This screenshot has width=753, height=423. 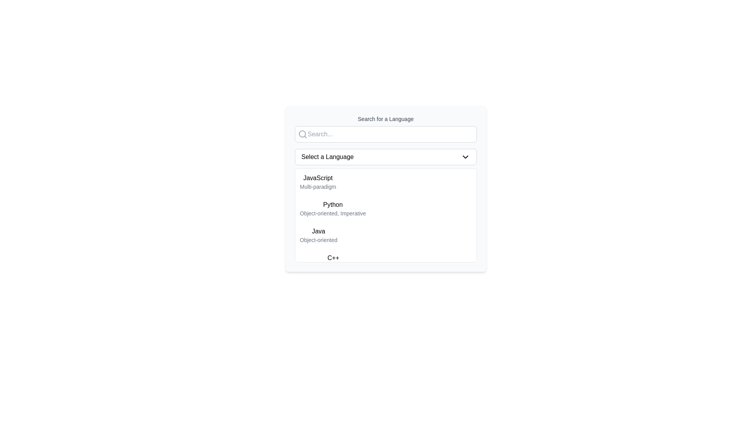 What do you see at coordinates (386, 208) in the screenshot?
I see `the 'Python' option in the dropdown list titled 'Select a Language', which is the second item in the list` at bounding box center [386, 208].